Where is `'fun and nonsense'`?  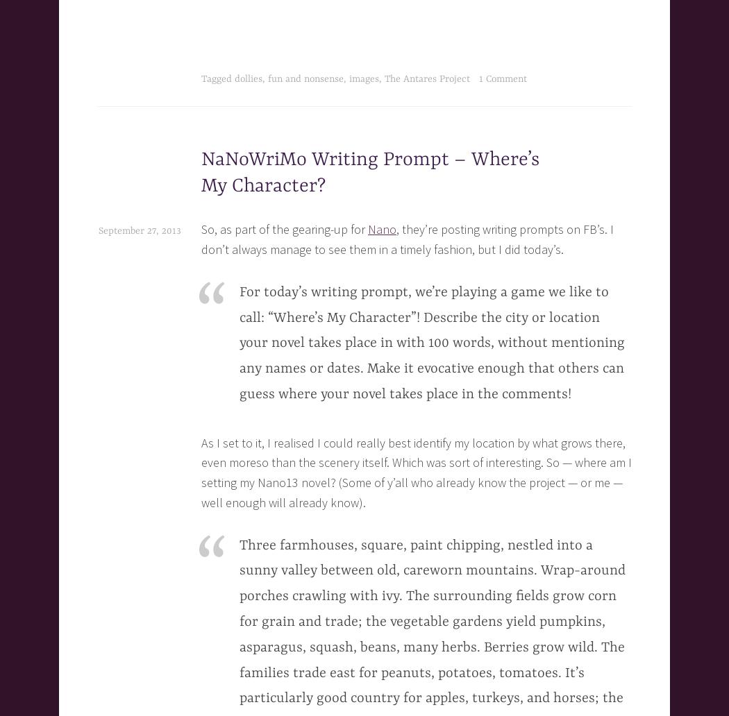
'fun and nonsense' is located at coordinates (305, 79).